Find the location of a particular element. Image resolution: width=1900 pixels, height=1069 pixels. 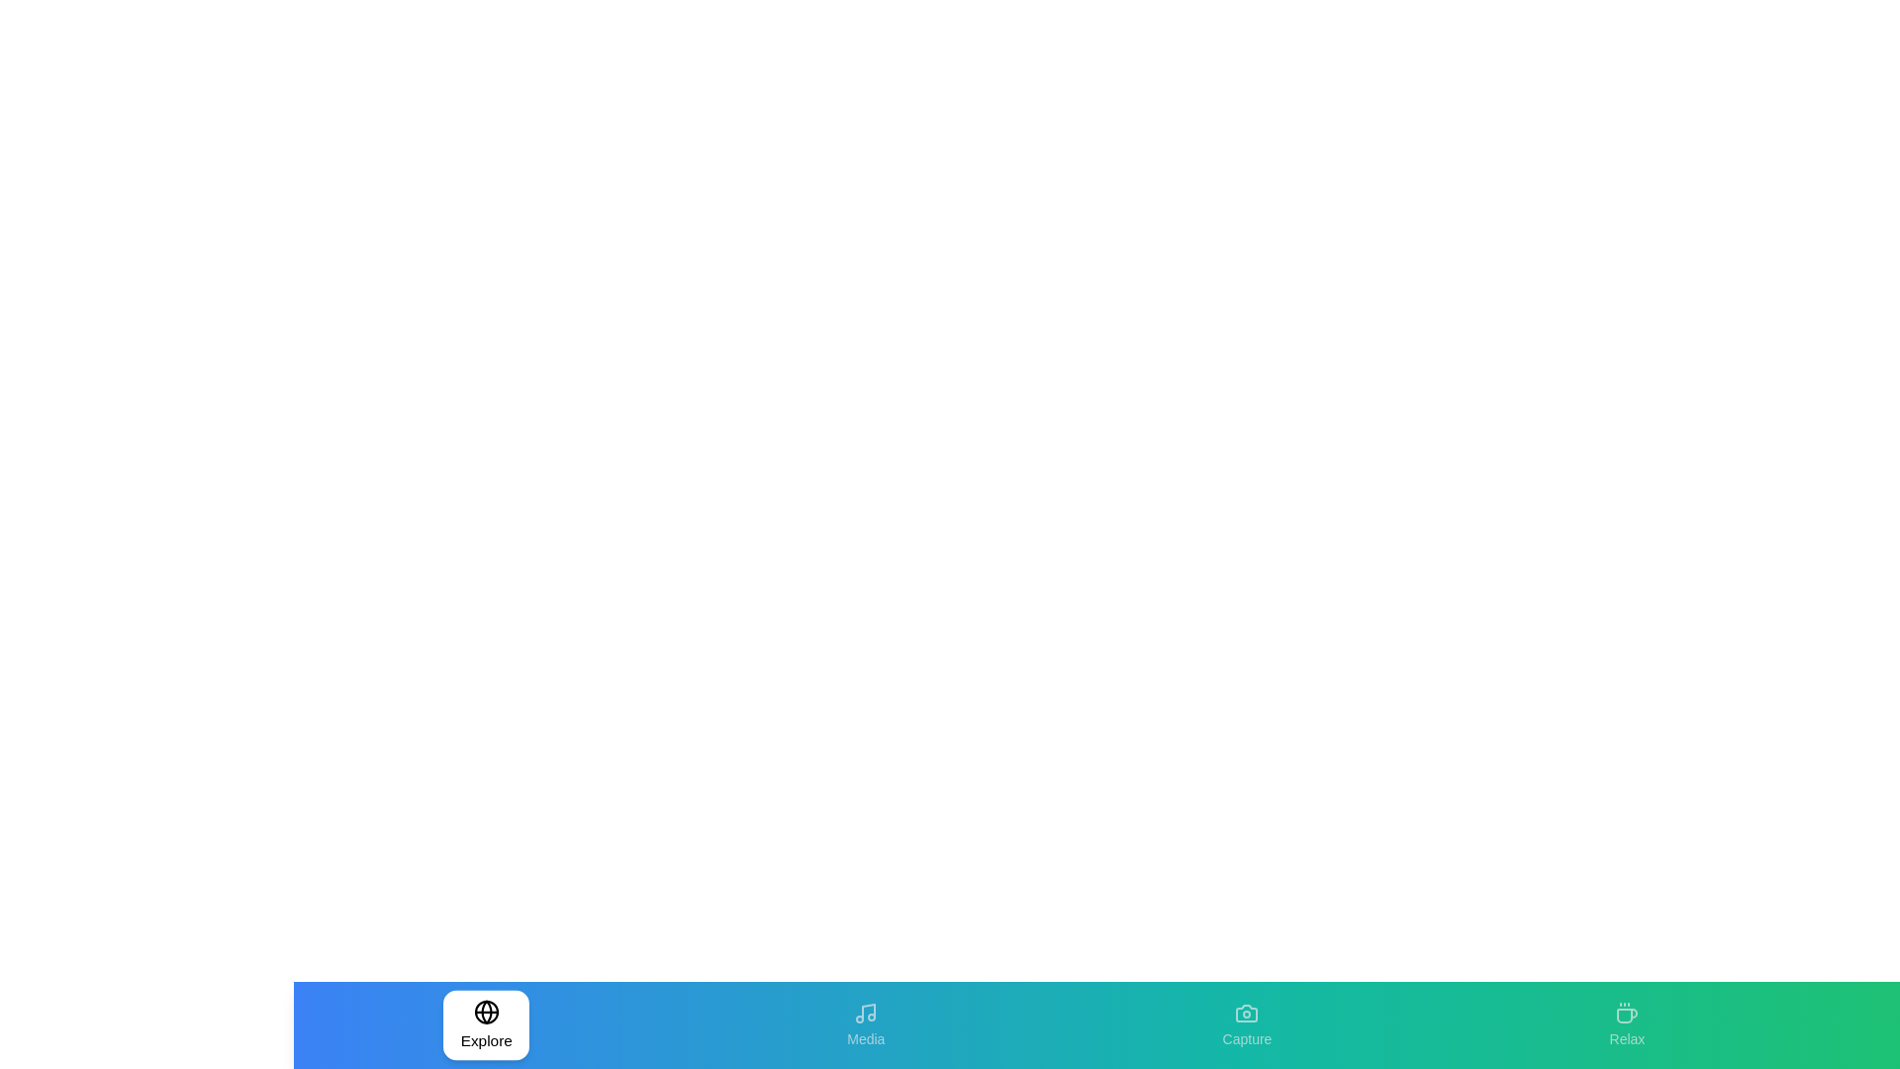

the tab labeled Capture is located at coordinates (1246, 1024).